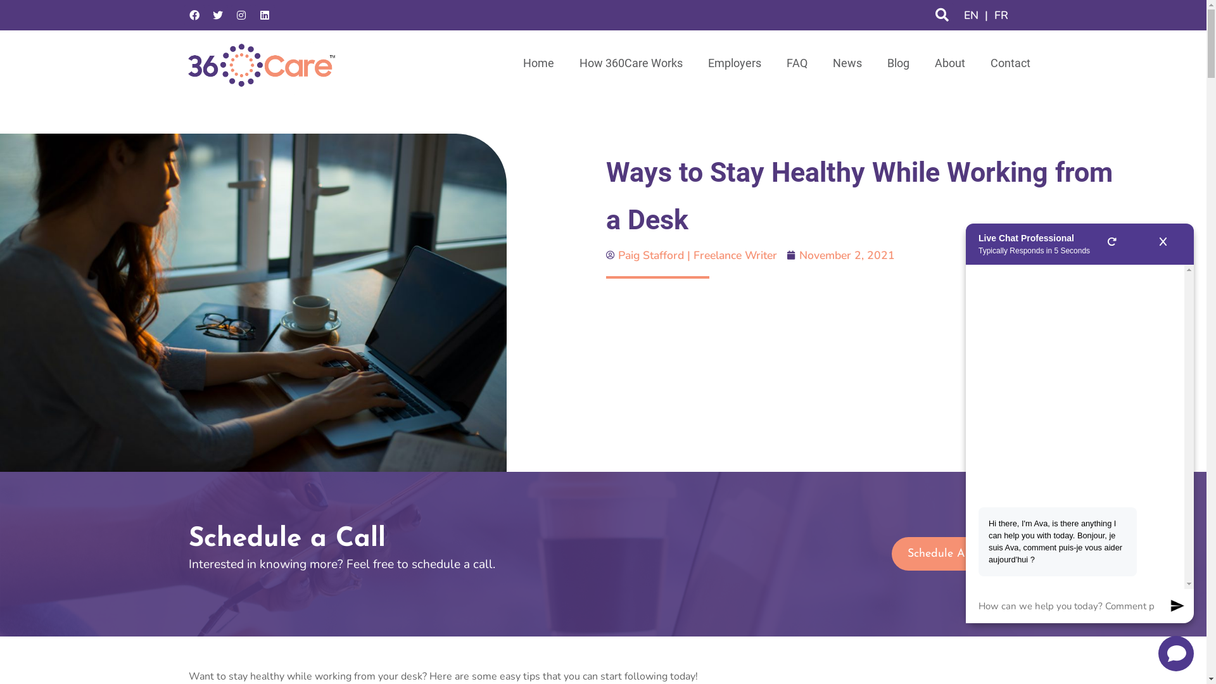 This screenshot has height=684, width=1216. Describe the element at coordinates (960, 15) in the screenshot. I see `'EN'` at that location.